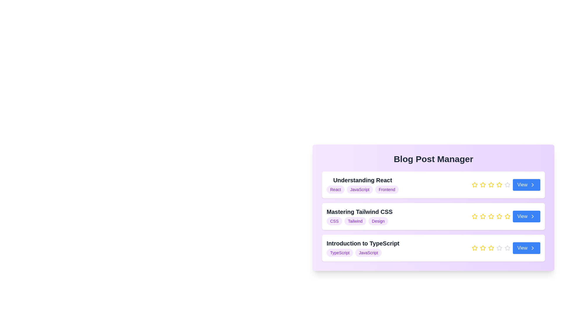  What do you see at coordinates (507, 185) in the screenshot?
I see `the fifth star-shaped icon representing an unselected rating star in the 'Understanding React' blog post to rate it` at bounding box center [507, 185].